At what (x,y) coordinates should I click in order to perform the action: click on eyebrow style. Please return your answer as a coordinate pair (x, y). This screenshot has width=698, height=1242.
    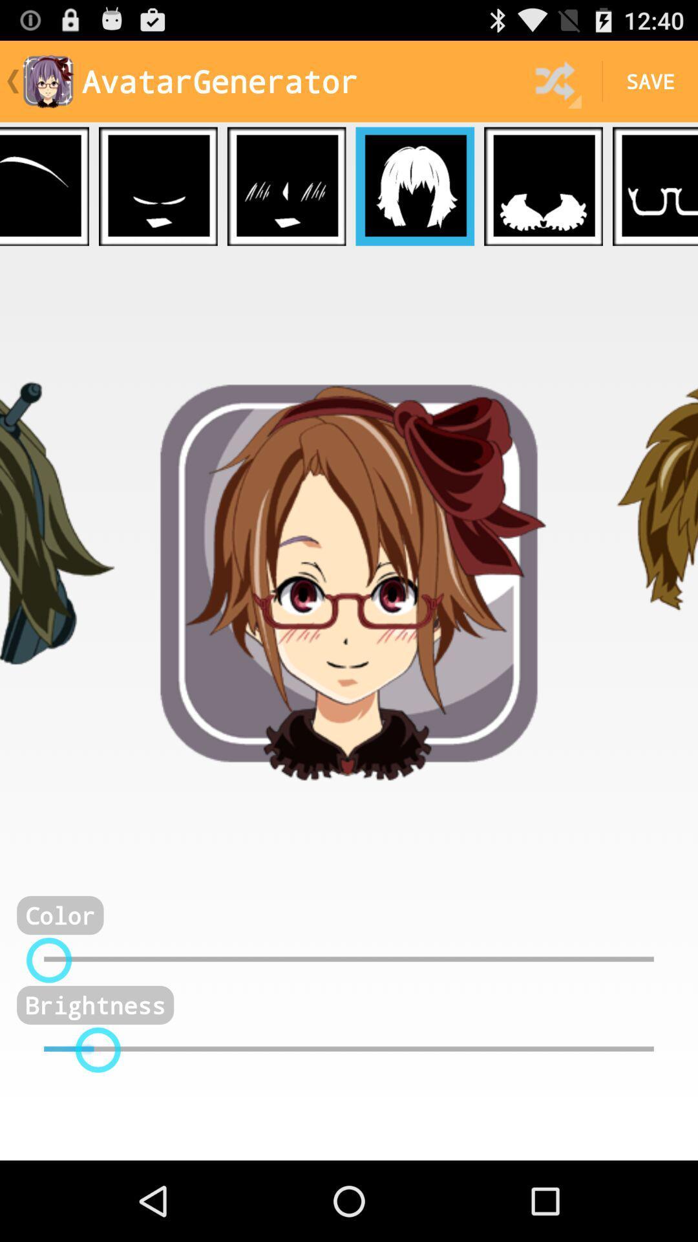
    Looking at the image, I should click on (44, 186).